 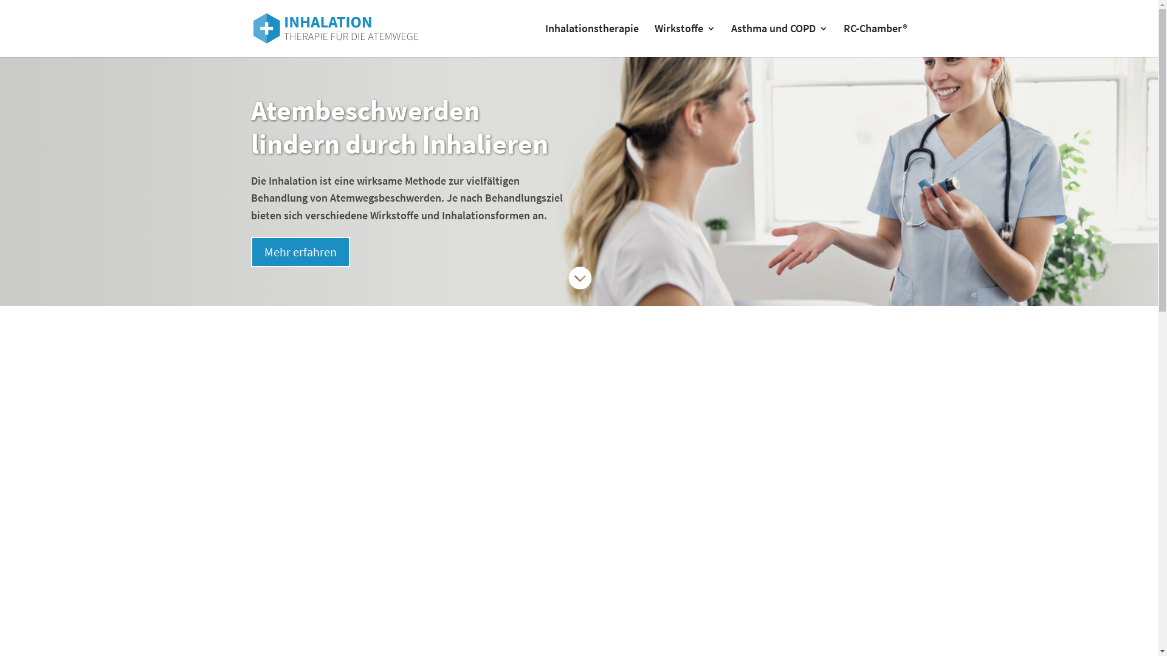 I want to click on 'Inhalationstherapie', so click(x=591, y=39).